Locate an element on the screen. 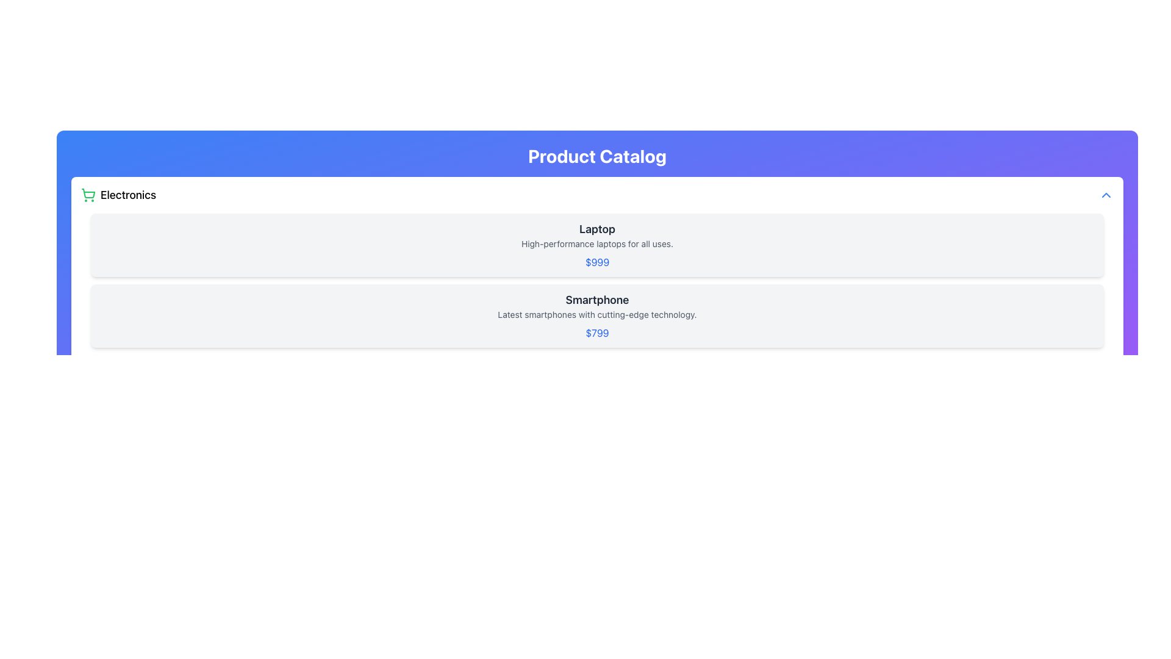  text content of the Text Label that serves as the title for the product within the upper part of the main content area is located at coordinates (597, 229).